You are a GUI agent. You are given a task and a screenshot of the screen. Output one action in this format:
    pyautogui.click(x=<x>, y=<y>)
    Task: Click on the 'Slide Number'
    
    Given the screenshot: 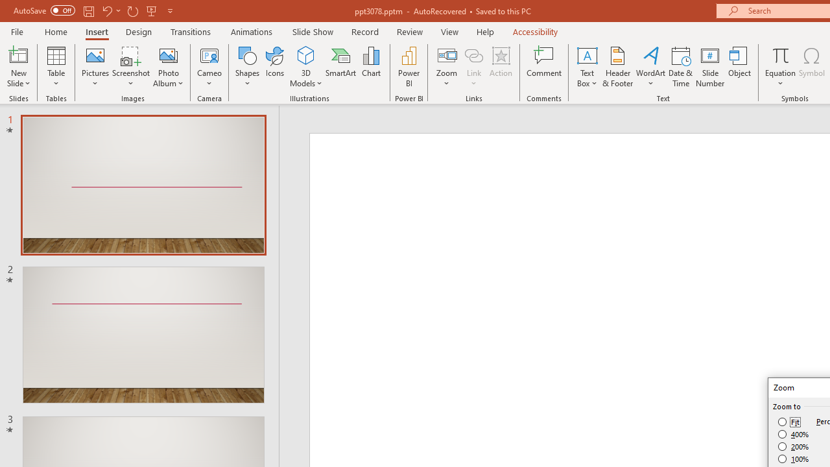 What is the action you would take?
    pyautogui.click(x=709, y=67)
    